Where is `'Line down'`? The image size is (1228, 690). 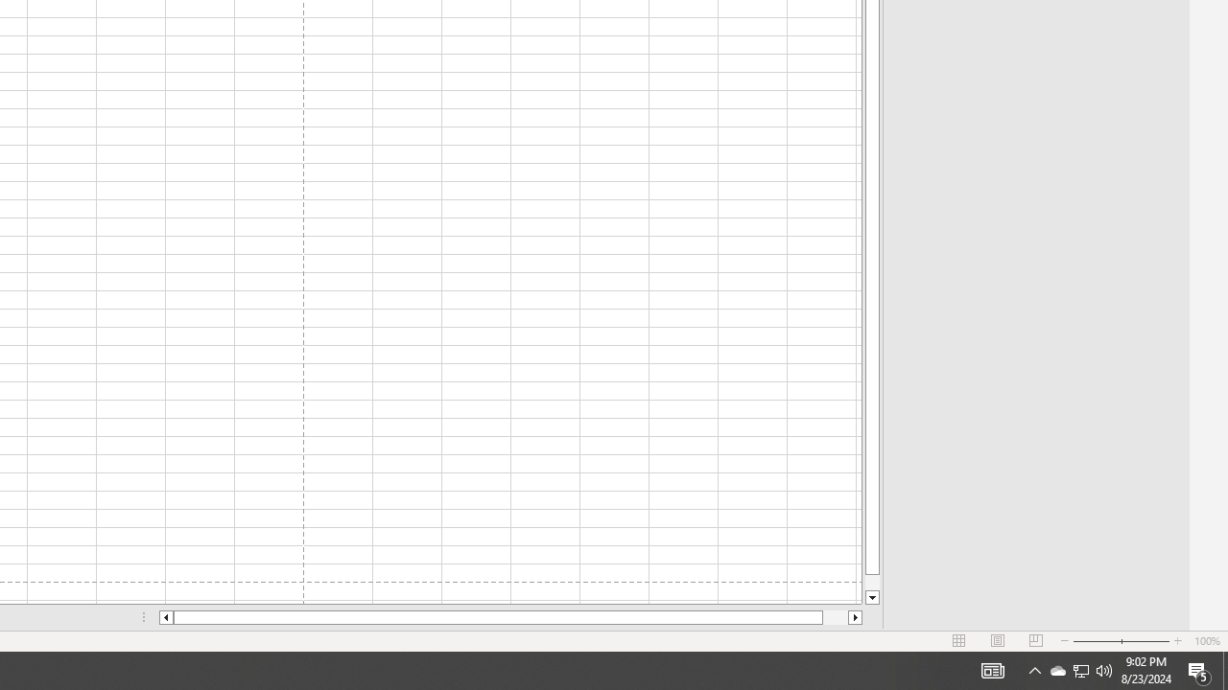
'Line down' is located at coordinates (871, 597).